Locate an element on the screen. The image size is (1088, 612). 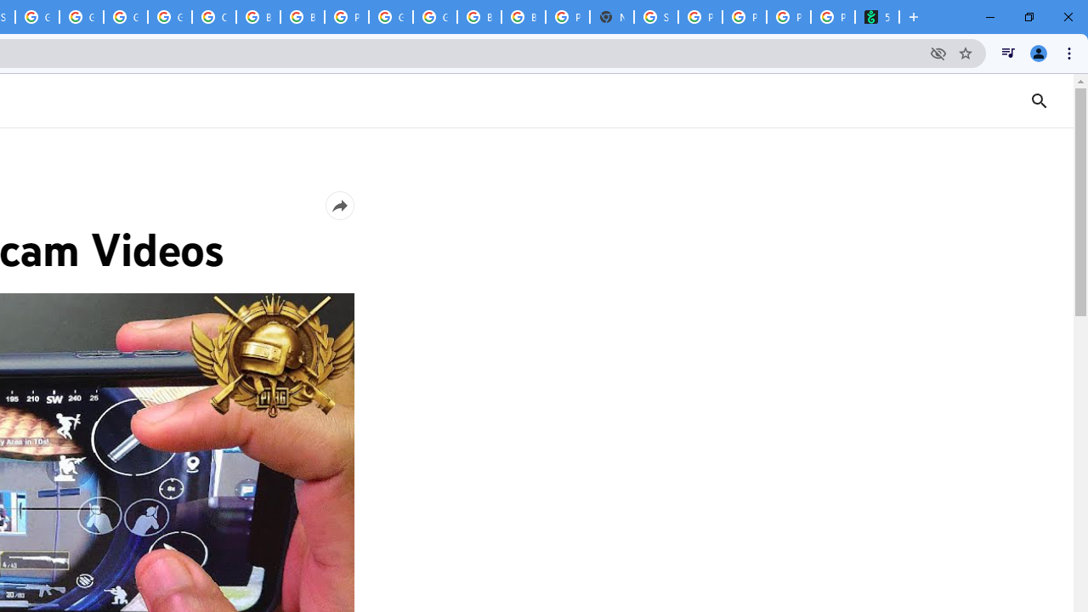
'Google Cloud Platform' is located at coordinates (435, 17).